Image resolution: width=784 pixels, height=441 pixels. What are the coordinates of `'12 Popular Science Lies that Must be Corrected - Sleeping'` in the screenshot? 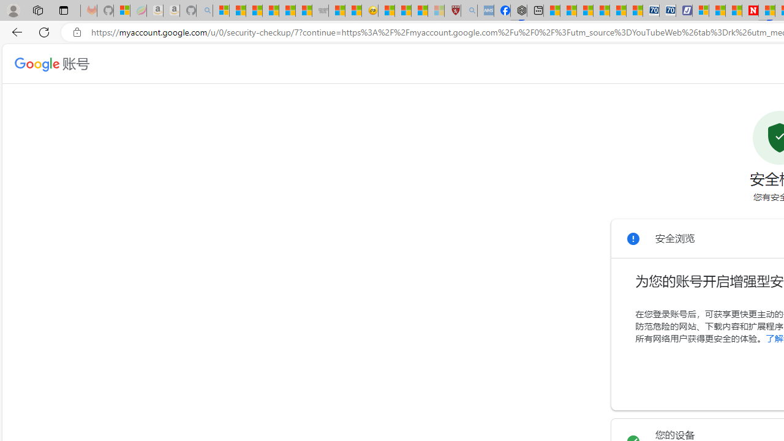 It's located at (435, 10).